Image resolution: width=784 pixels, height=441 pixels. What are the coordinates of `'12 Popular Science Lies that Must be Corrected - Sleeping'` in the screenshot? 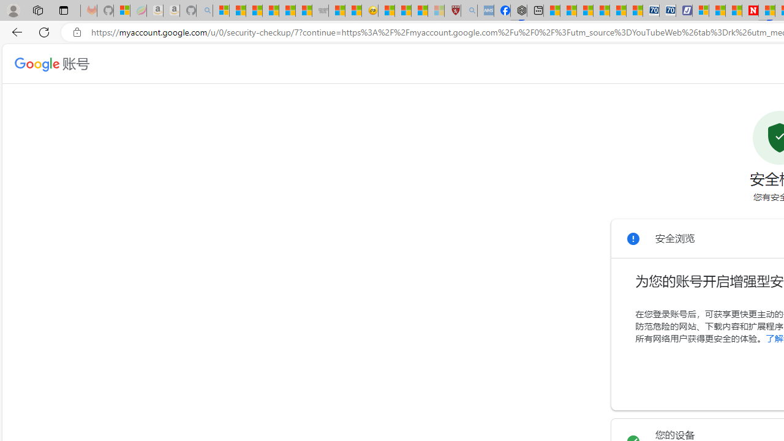 It's located at (435, 10).